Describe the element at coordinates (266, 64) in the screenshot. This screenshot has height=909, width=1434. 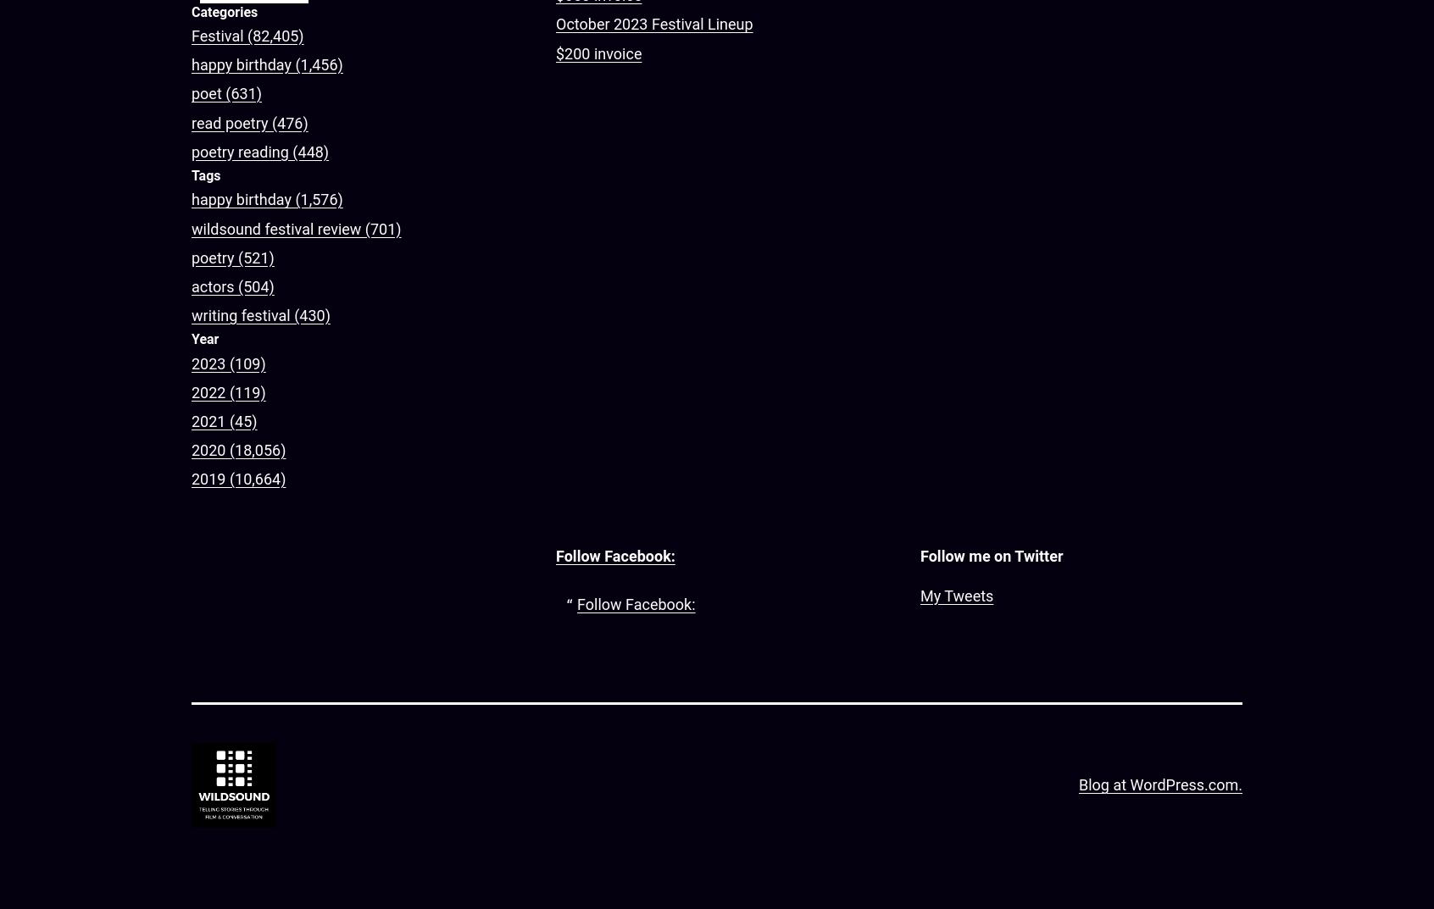
I see `'happy birthday (1,456)'` at that location.